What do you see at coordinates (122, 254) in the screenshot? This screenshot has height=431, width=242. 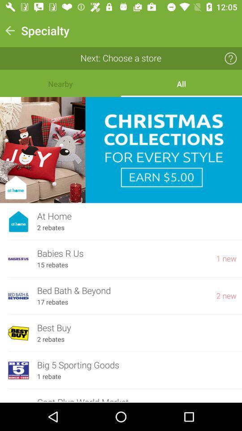 I see `the icon above the 15 rebates item` at bounding box center [122, 254].